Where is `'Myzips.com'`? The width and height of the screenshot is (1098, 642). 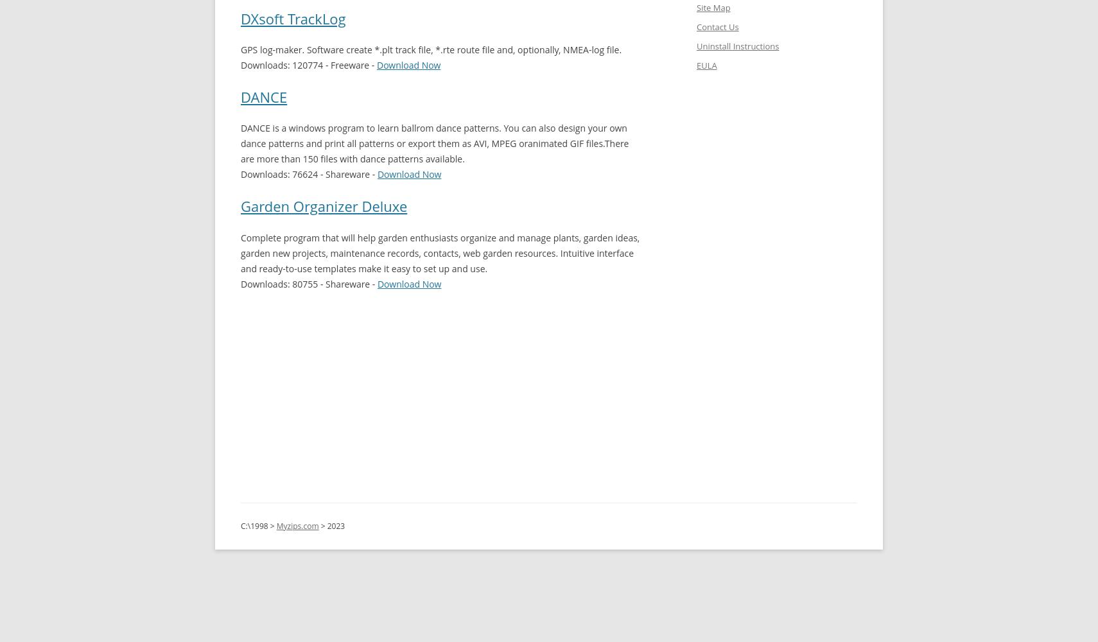
'Myzips.com' is located at coordinates (297, 525).